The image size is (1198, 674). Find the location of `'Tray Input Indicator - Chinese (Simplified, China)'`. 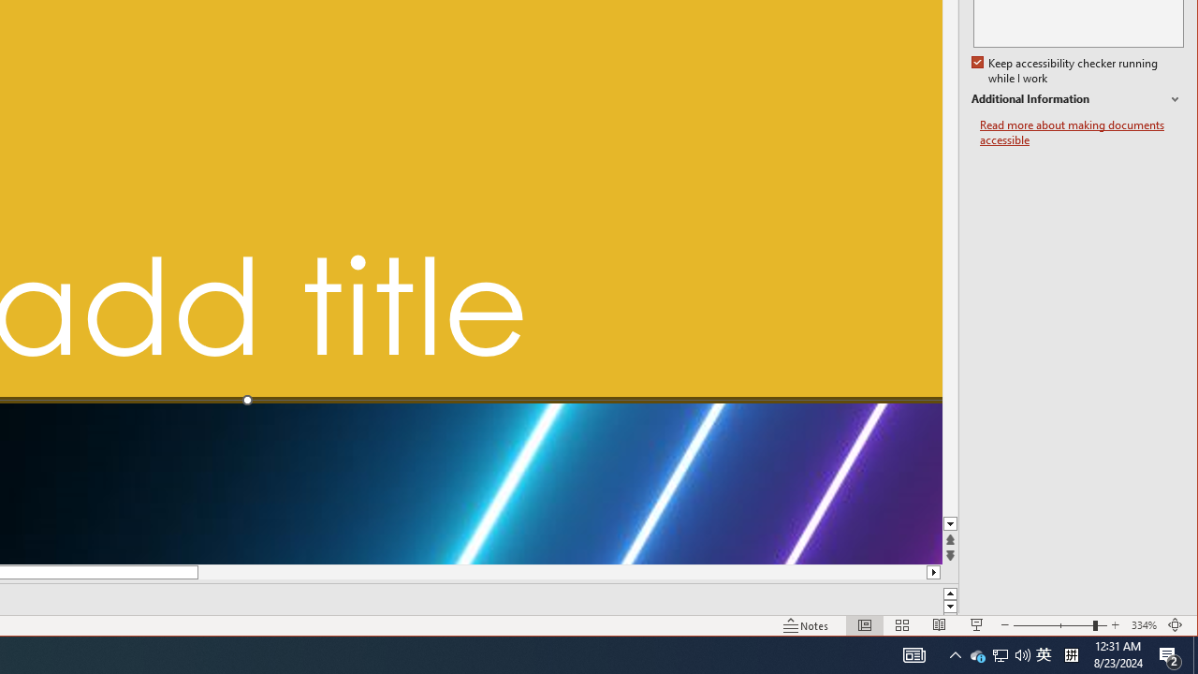

'Tray Input Indicator - Chinese (Simplified, China)' is located at coordinates (1071, 653).